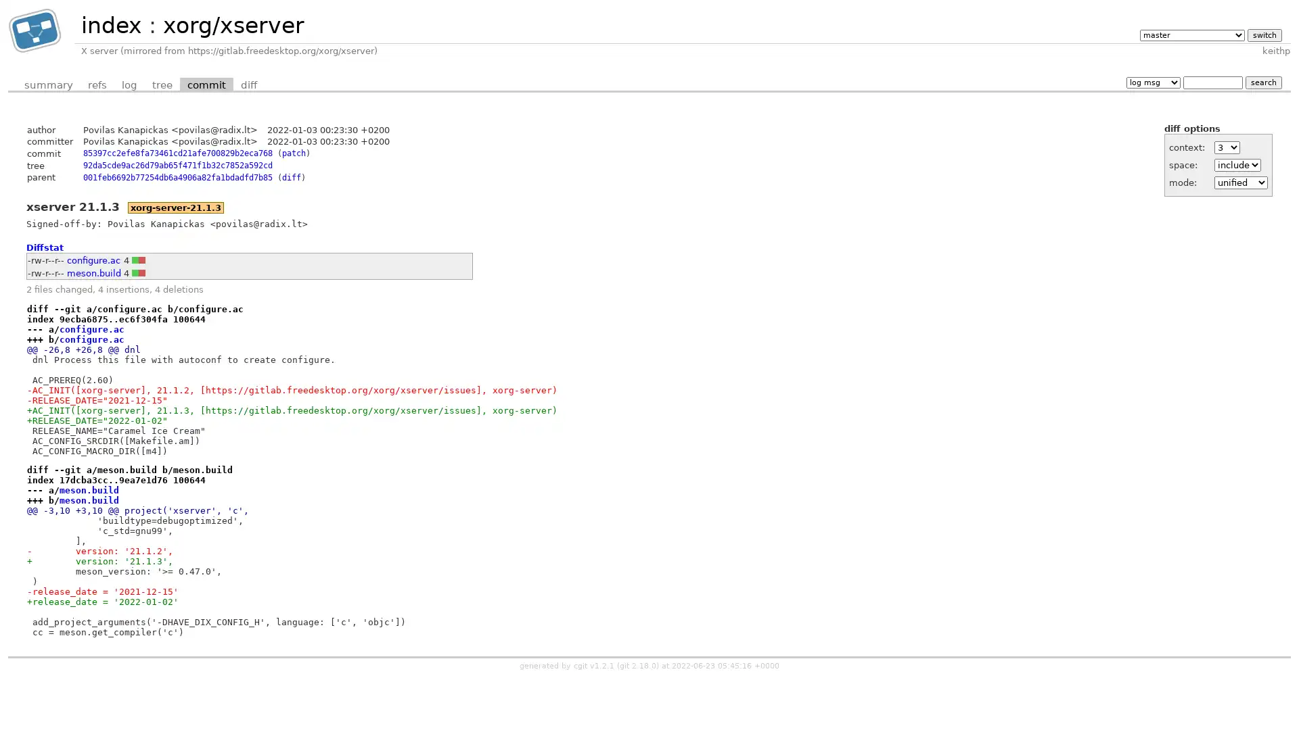 The image size is (1299, 730). I want to click on search, so click(1262, 82).